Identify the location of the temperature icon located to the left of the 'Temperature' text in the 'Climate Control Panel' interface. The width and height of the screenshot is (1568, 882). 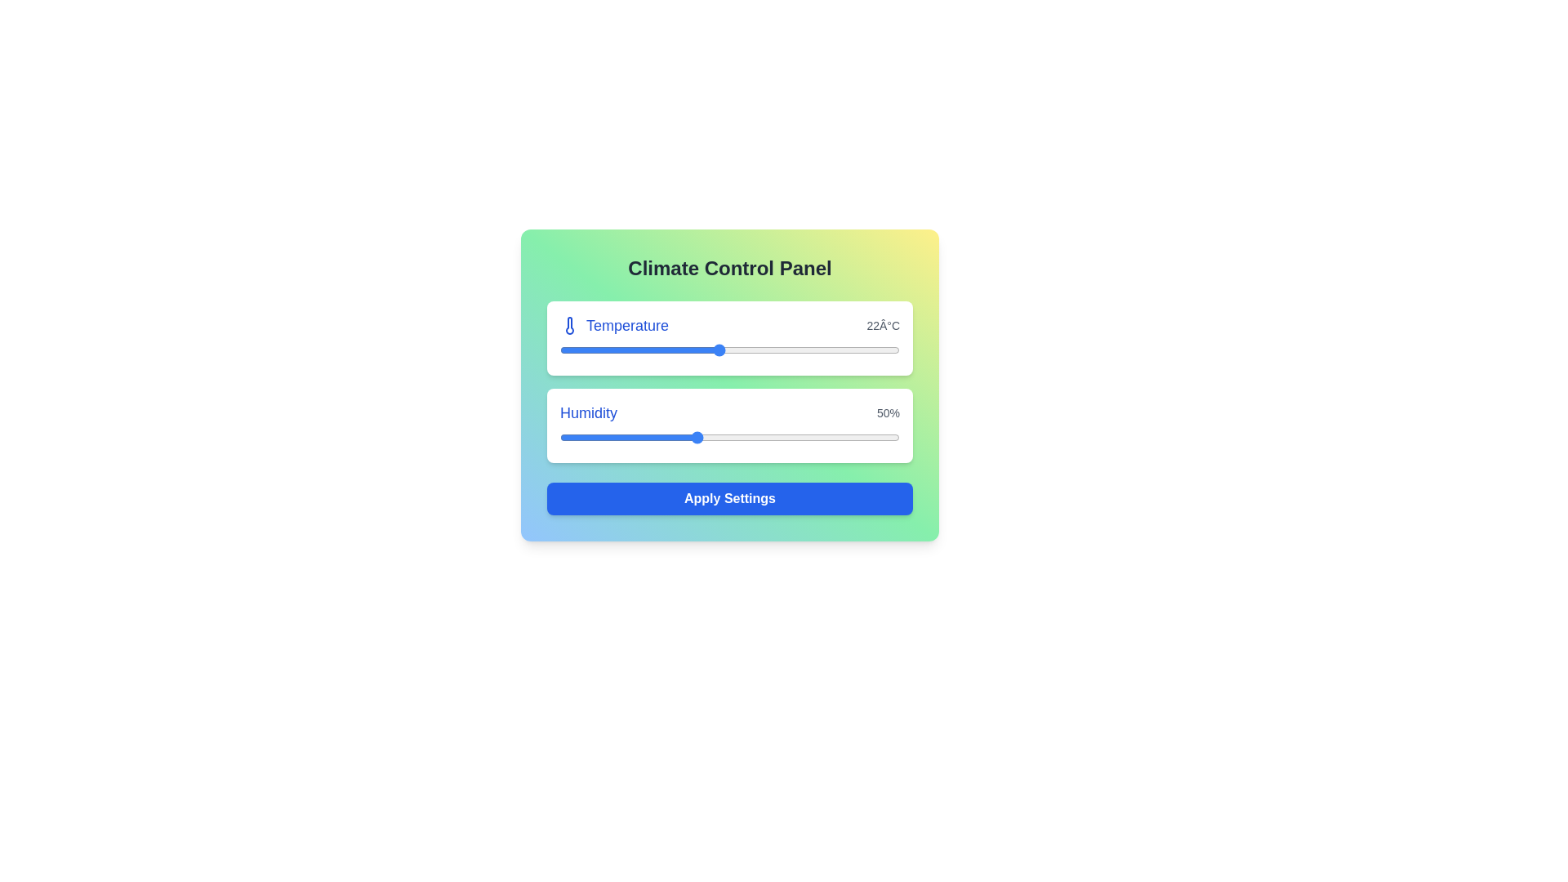
(569, 325).